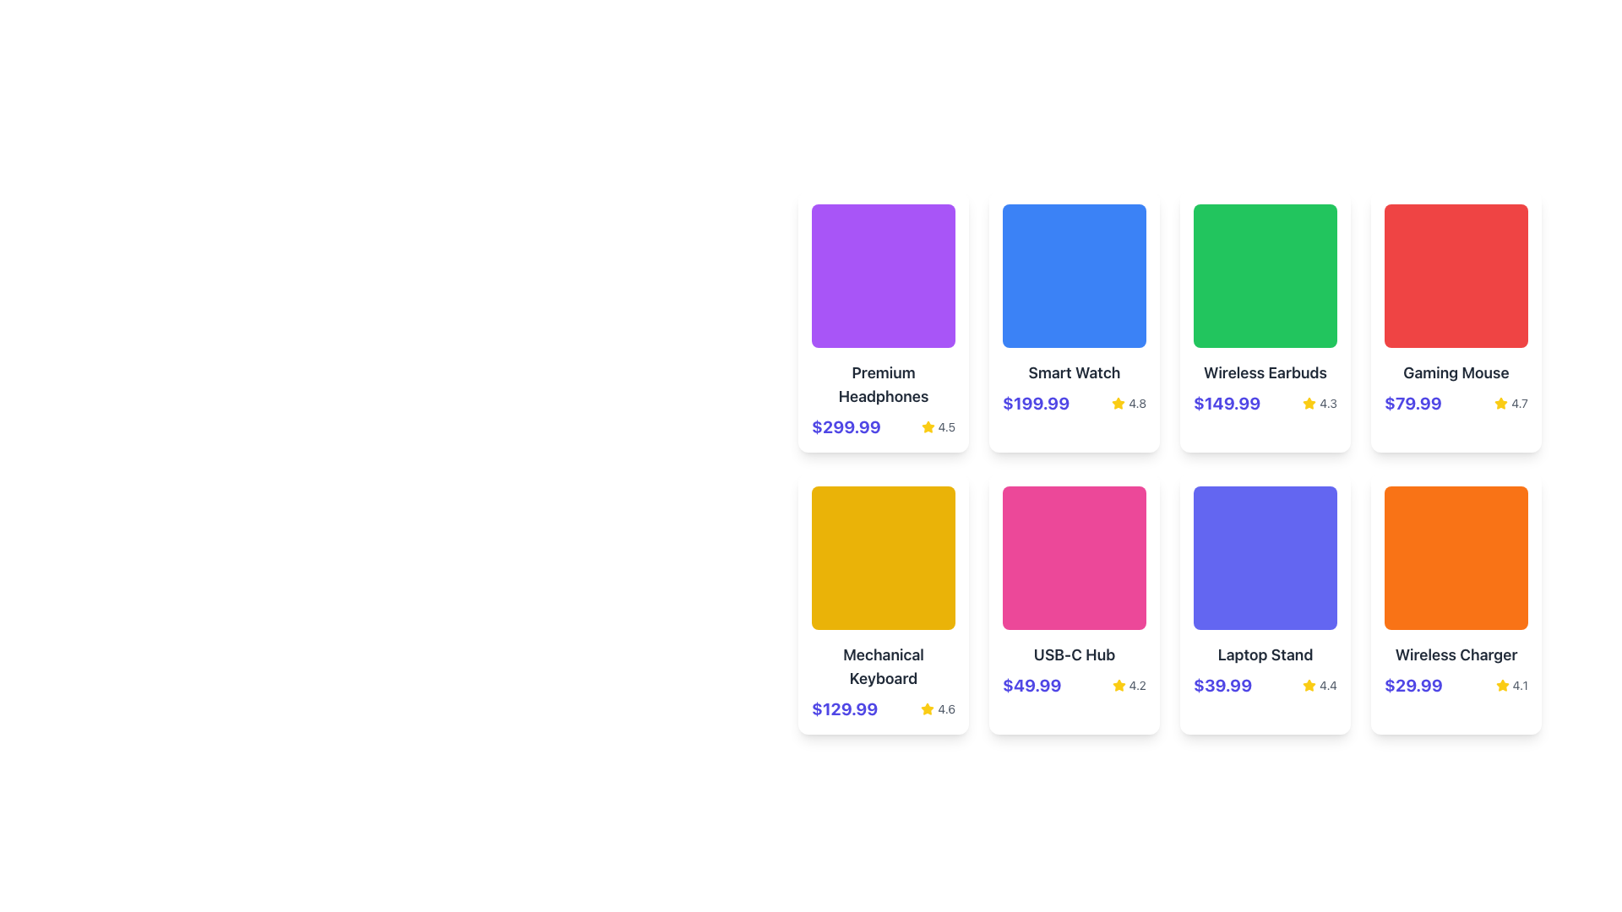  Describe the element at coordinates (1137, 686) in the screenshot. I see `the static text displaying the rating '4.2', which is styled in light gray and positioned next to a yellow star icon in the USB-C Hub card layout` at that location.